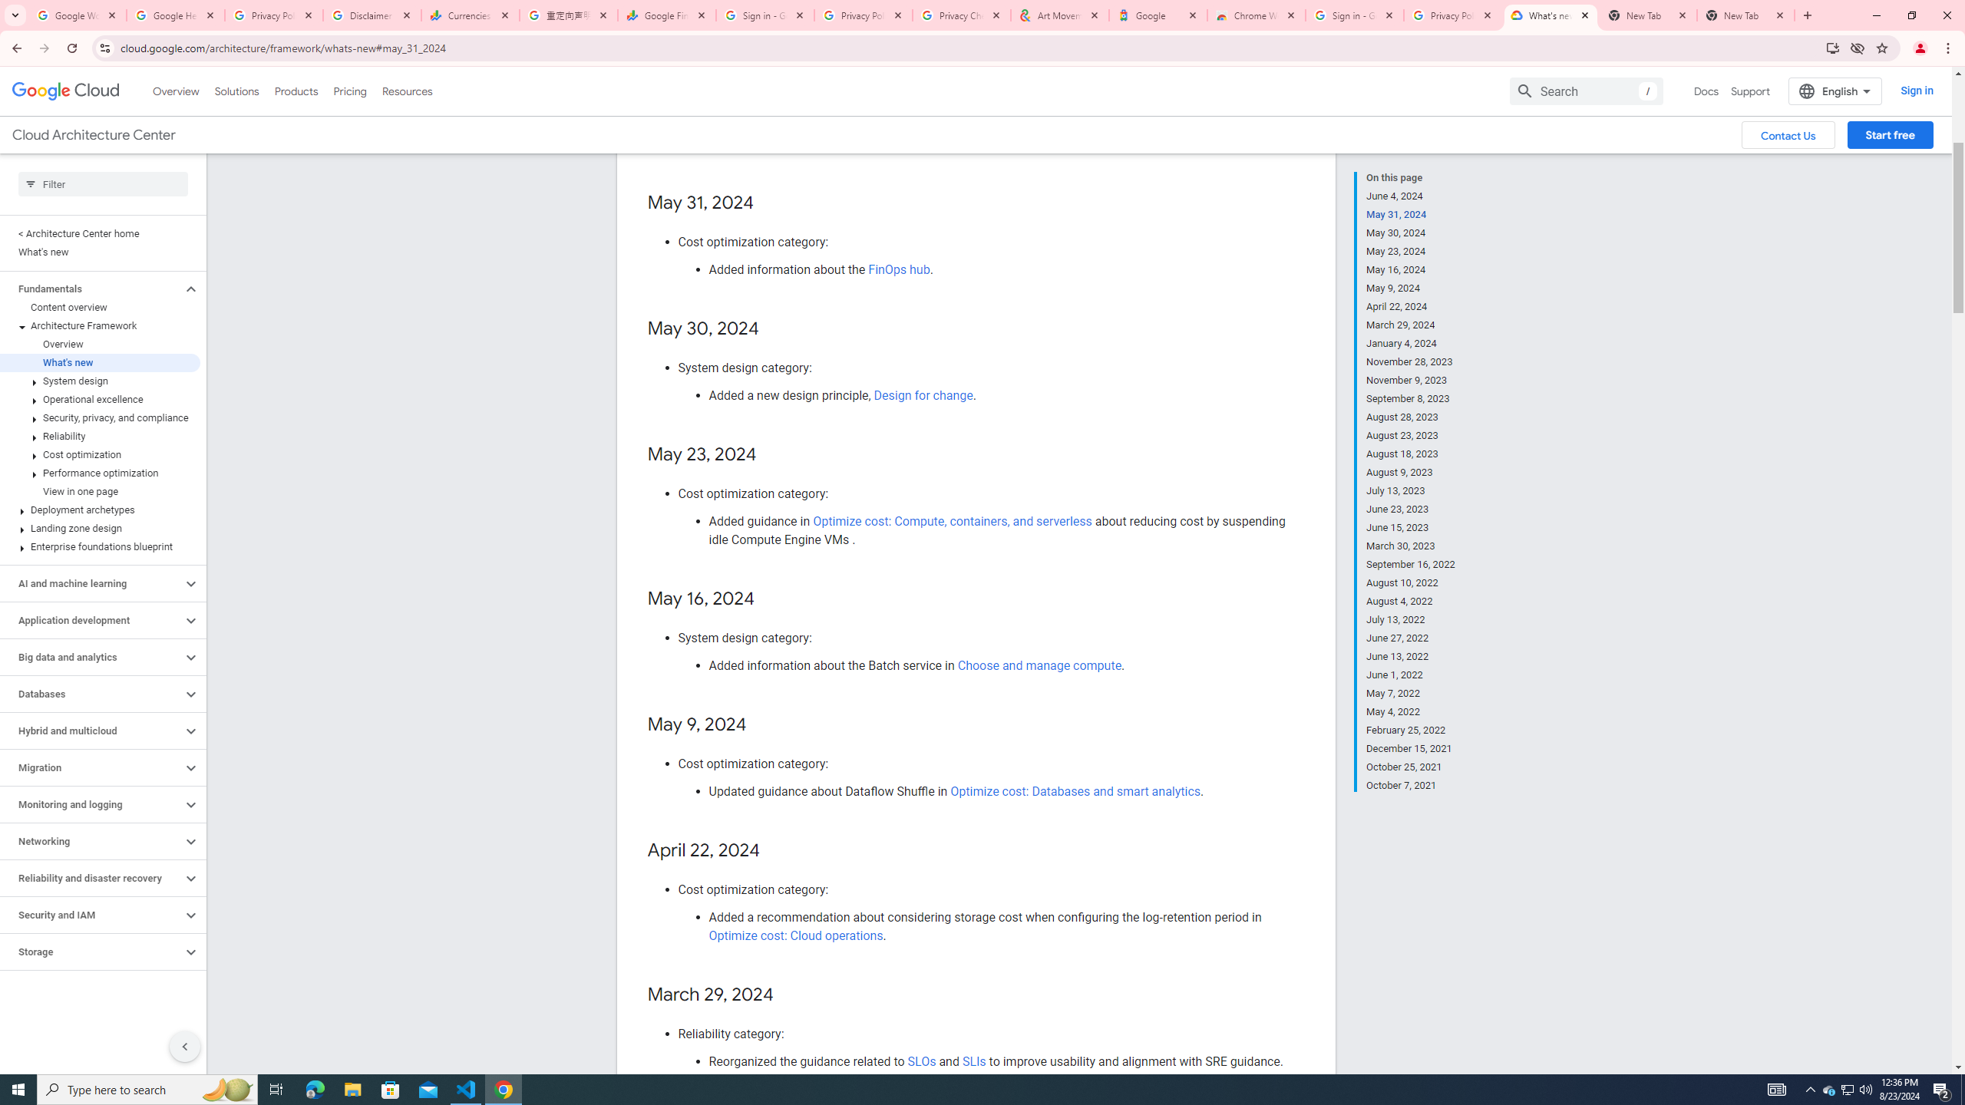 The image size is (1965, 1105). Describe the element at coordinates (91, 730) in the screenshot. I see `'Hybrid and multicloud'` at that location.